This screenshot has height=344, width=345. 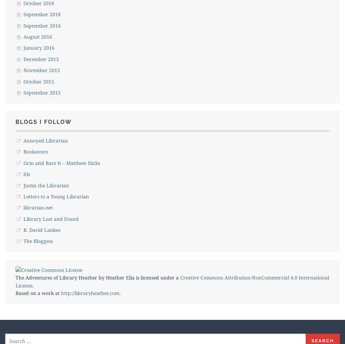 I want to click on 'Blogs I Follow', so click(x=43, y=121).